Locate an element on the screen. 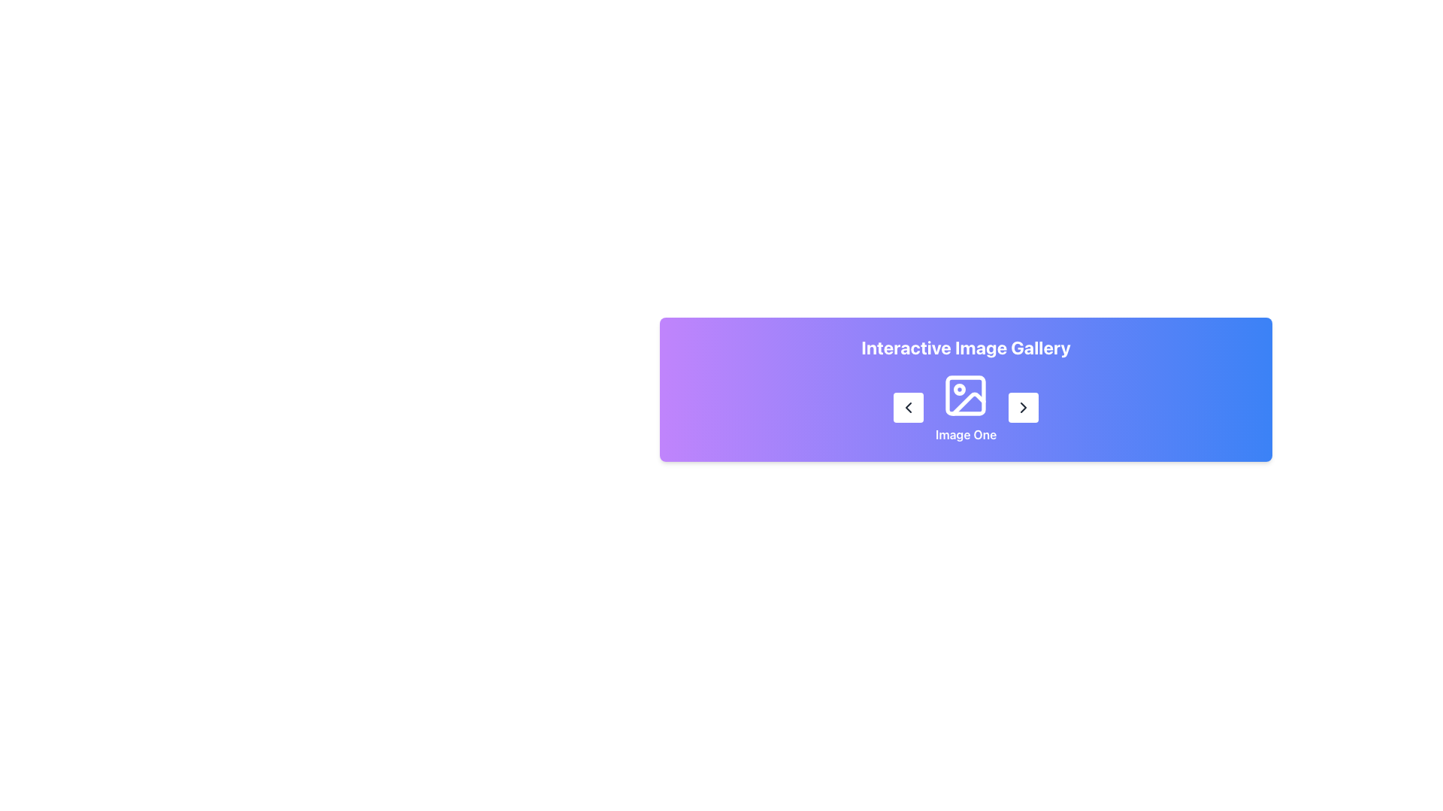 This screenshot has width=1443, height=811. the descriptive text label located directly below the image icon in the interactive gallery section is located at coordinates (966, 434).